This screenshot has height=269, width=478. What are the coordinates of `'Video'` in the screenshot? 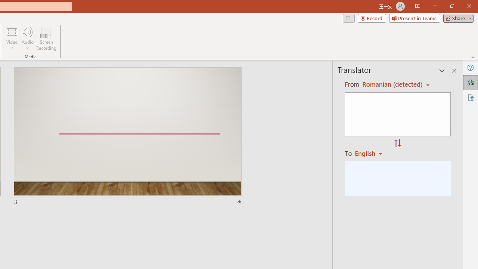 It's located at (12, 38).